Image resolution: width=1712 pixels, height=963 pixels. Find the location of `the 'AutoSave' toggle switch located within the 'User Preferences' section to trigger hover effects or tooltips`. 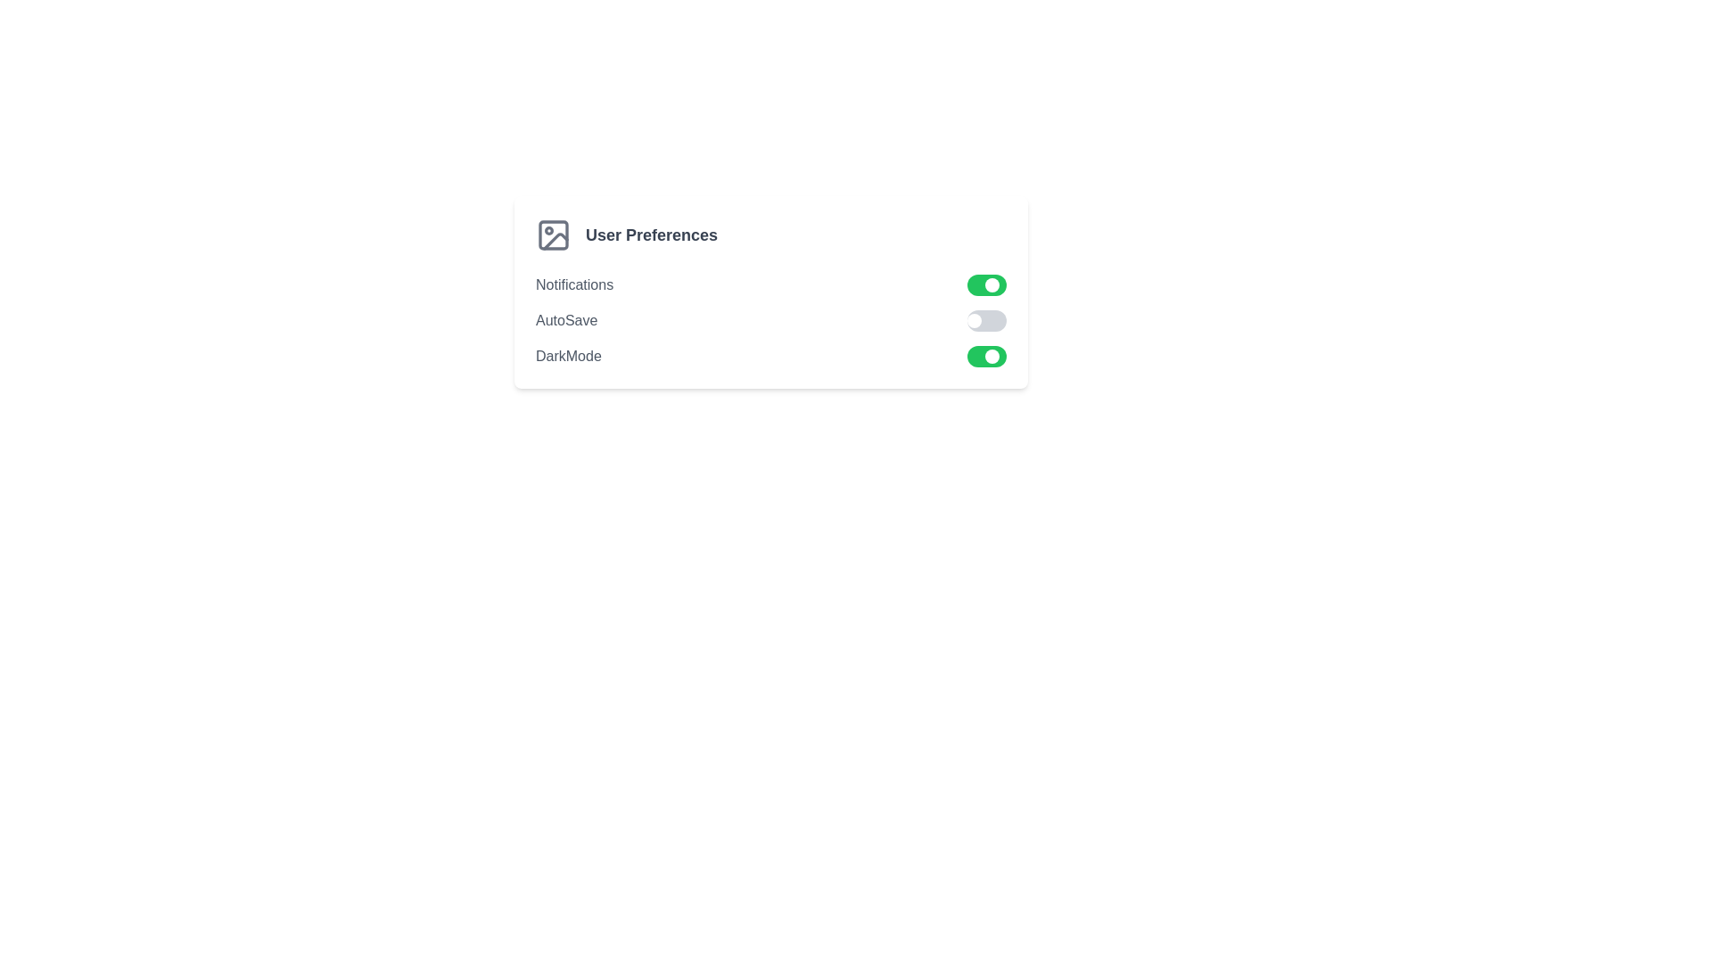

the 'AutoSave' toggle switch located within the 'User Preferences' section to trigger hover effects or tooltips is located at coordinates (986, 319).